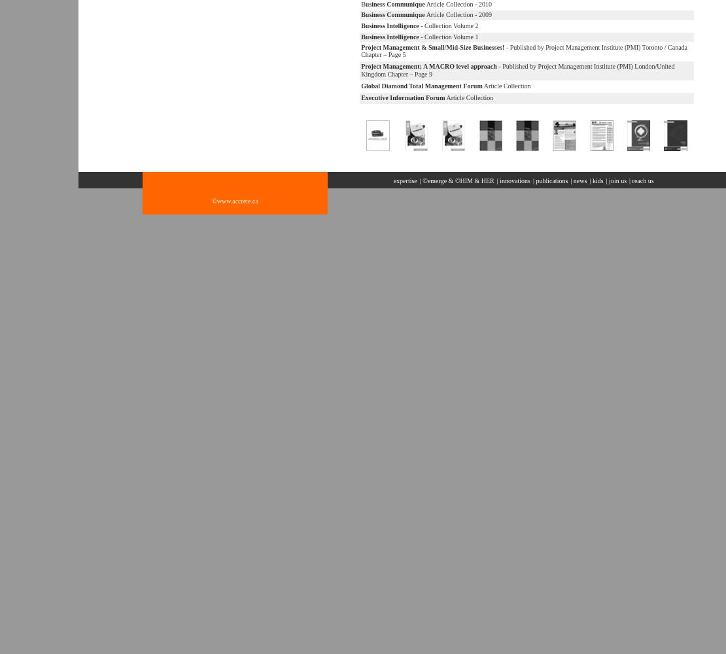 Image resolution: width=726 pixels, height=654 pixels. I want to click on 'innovations', so click(514, 181).